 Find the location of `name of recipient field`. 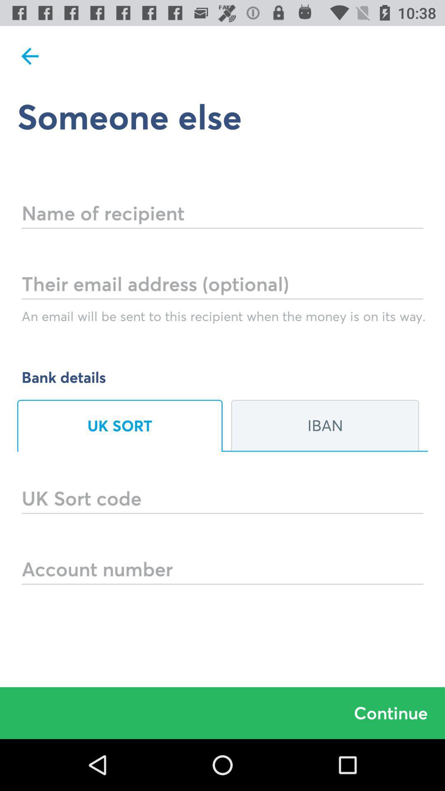

name of recipient field is located at coordinates (222, 201).